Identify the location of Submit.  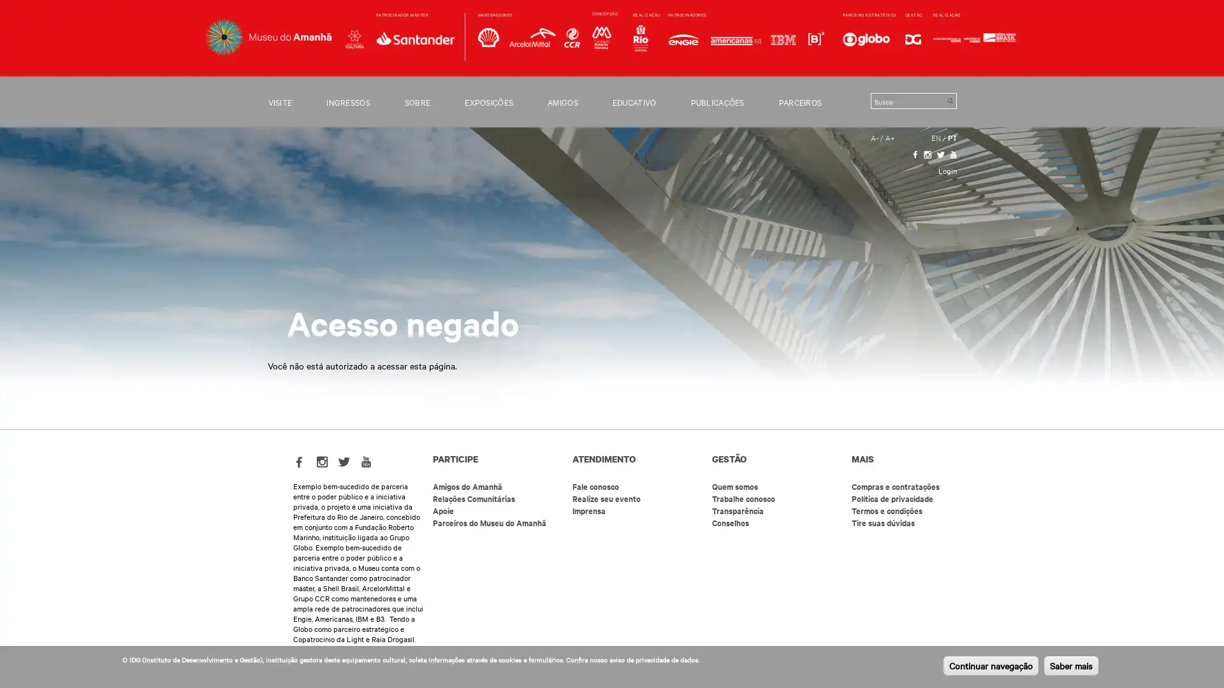
(949, 100).